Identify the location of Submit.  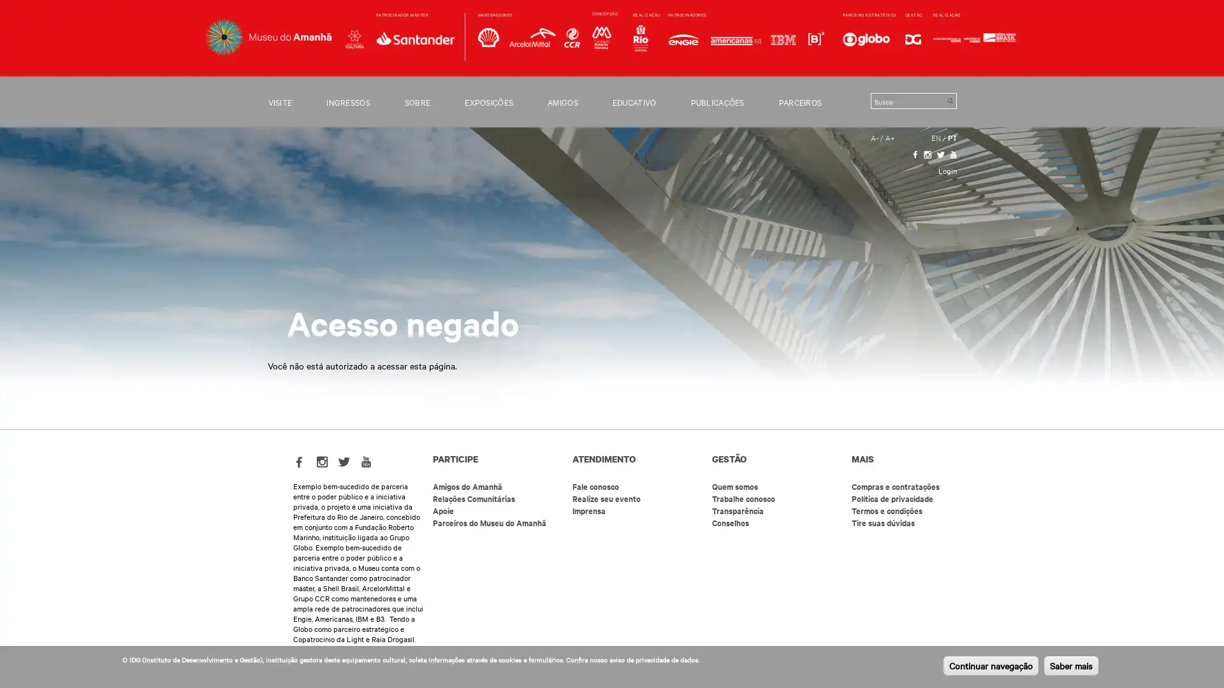
(949, 100).